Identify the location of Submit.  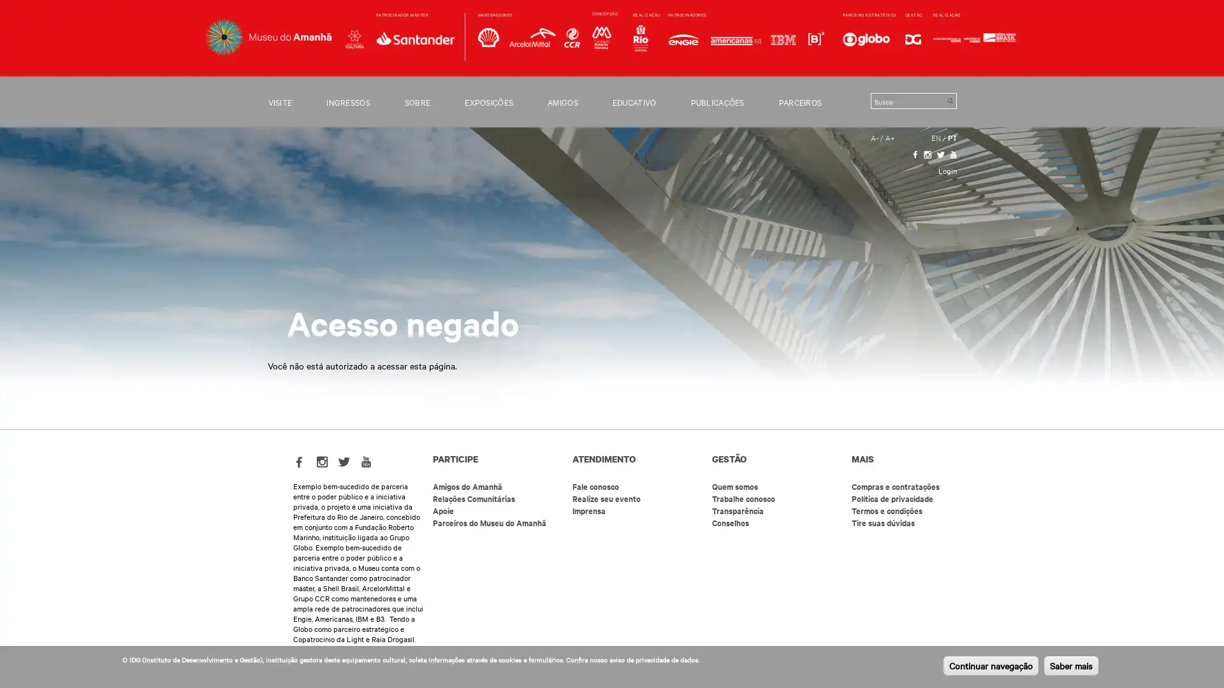
(949, 100).